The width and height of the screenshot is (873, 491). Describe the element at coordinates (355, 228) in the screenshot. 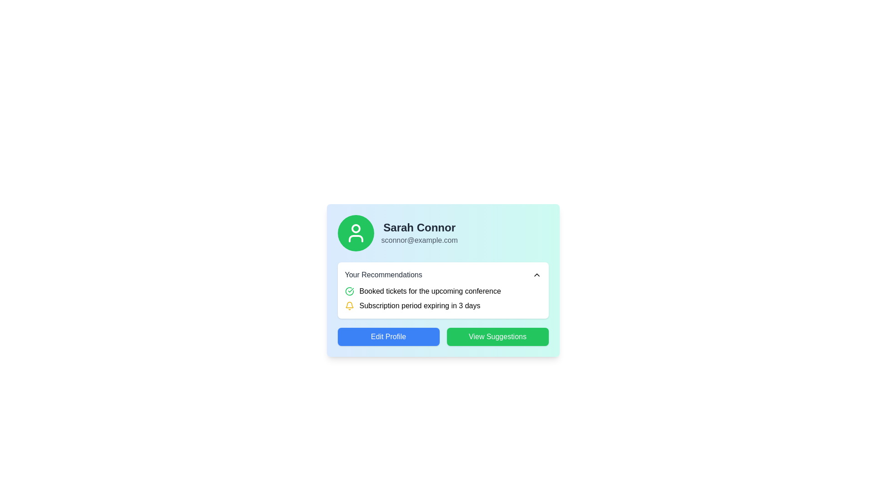

I see `the small green circular decorative SVG element with a white outline that is centrally positioned within the user profile icon associated with the user named 'Sarah Connor'` at that location.